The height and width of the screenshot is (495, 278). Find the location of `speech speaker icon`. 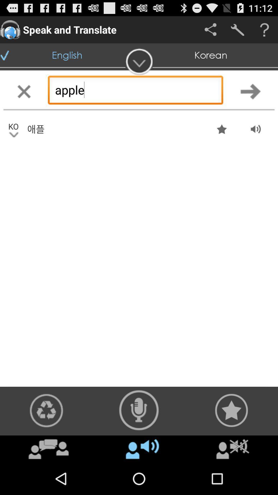

speech speaker icon is located at coordinates (139, 410).